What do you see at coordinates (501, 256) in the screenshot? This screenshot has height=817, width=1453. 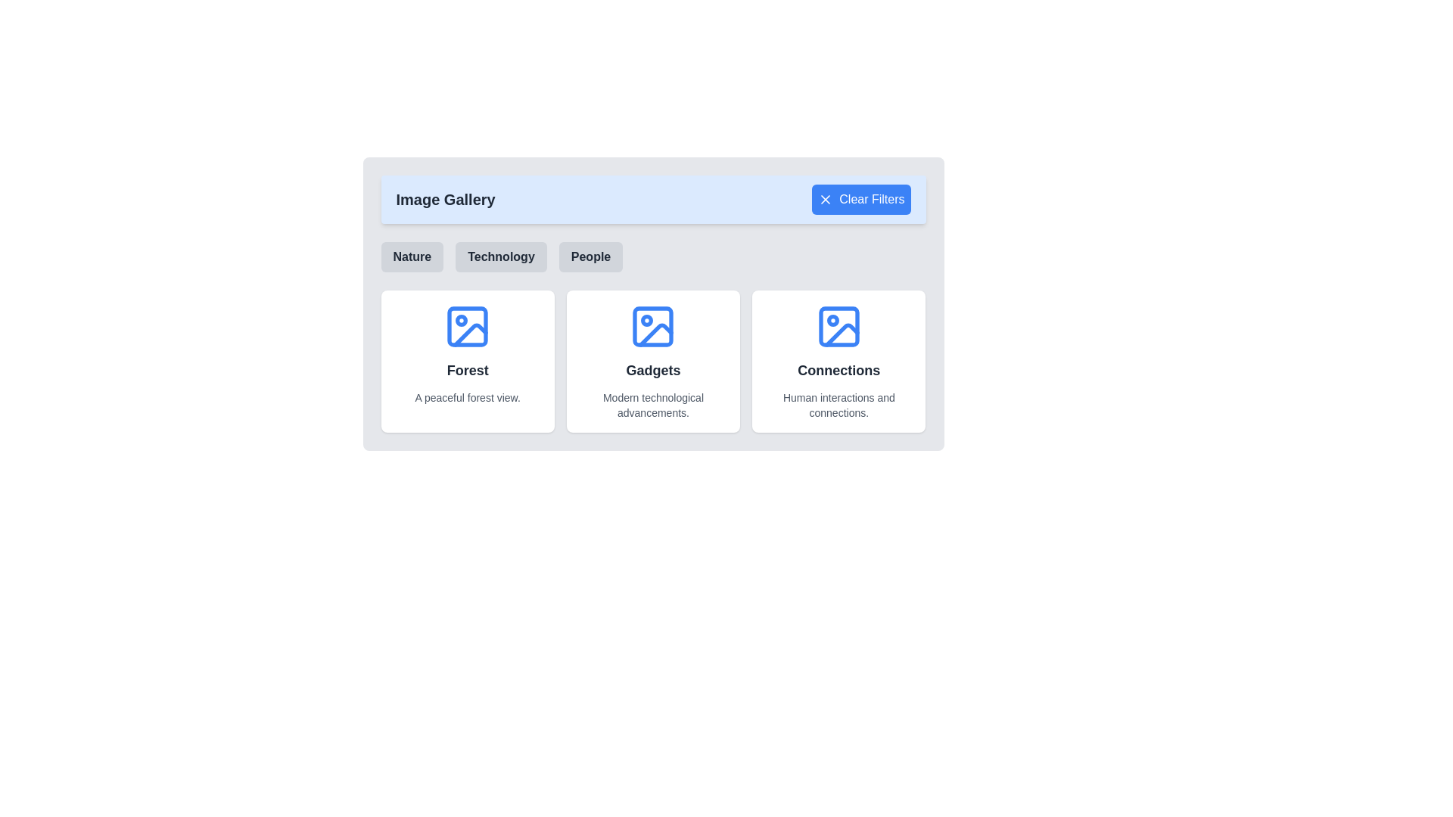 I see `the 'Technology' button, which is the second button under the 'Image Gallery' header, located between the 'Nature' and 'People' buttons` at bounding box center [501, 256].